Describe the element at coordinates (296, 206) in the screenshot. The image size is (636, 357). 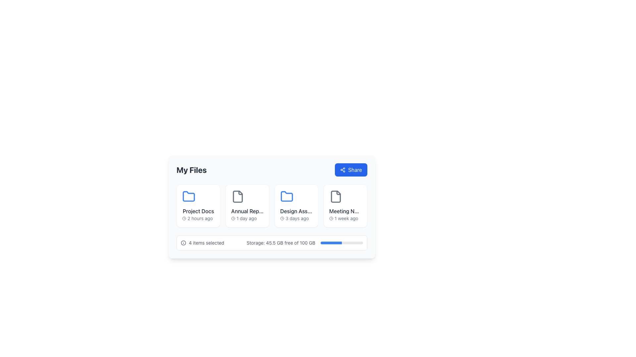
I see `the 'Design Assets' folder card in the file grid interface` at that location.